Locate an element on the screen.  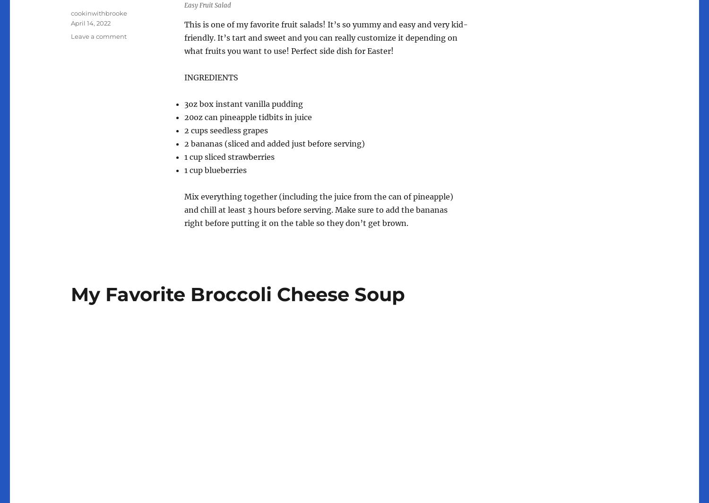
'cookinwithbrooke' is located at coordinates (98, 13).